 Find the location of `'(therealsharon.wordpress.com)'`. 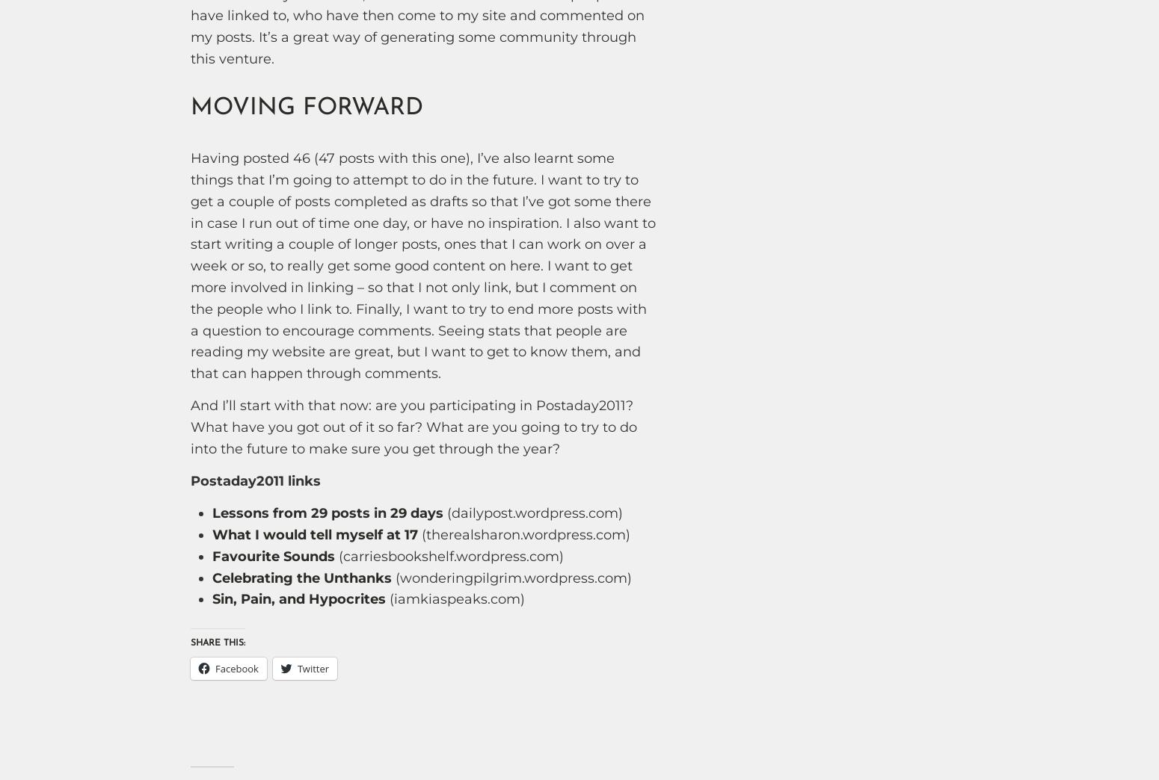

'(therealsharon.wordpress.com)' is located at coordinates (523, 533).